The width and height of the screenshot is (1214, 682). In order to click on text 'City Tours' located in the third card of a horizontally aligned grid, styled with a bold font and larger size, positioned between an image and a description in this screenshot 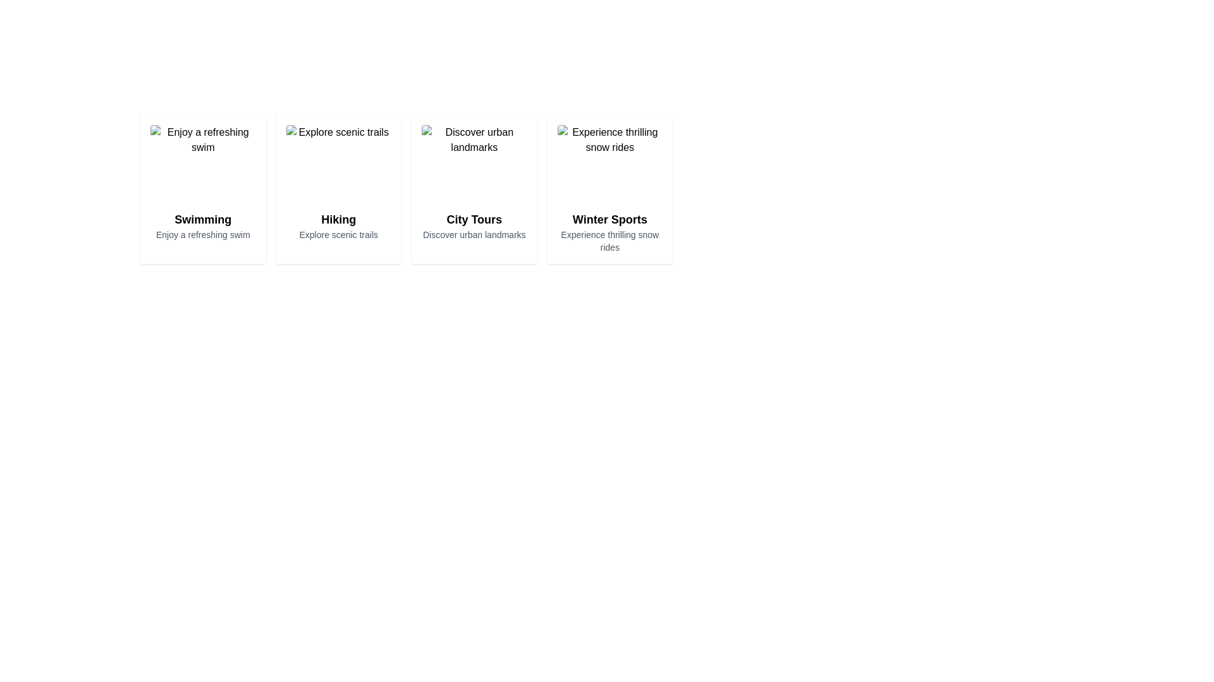, I will do `click(474, 218)`.